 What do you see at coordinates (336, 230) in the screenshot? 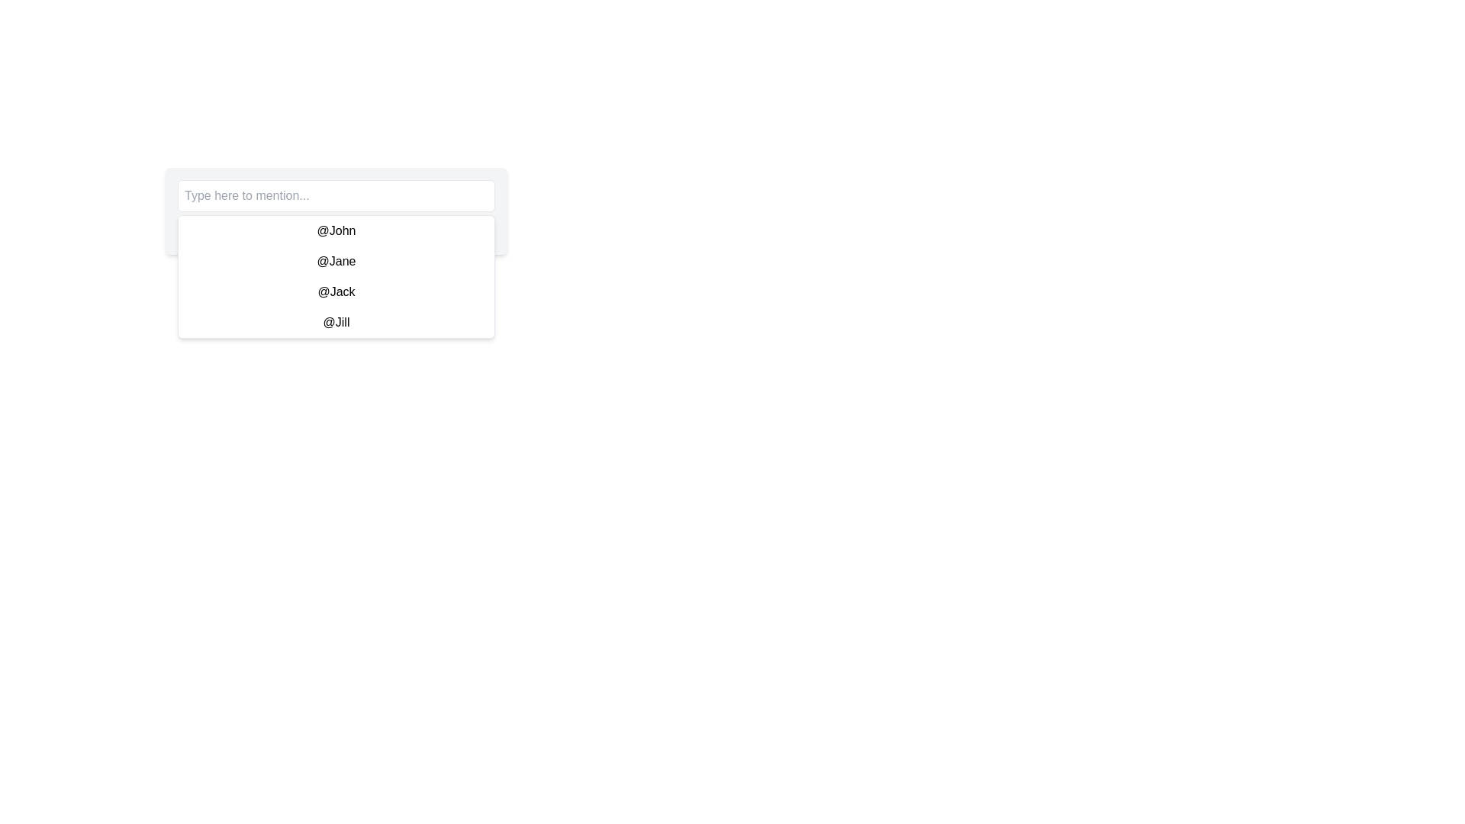
I see `the selectable list item representing the user named 'John'` at bounding box center [336, 230].